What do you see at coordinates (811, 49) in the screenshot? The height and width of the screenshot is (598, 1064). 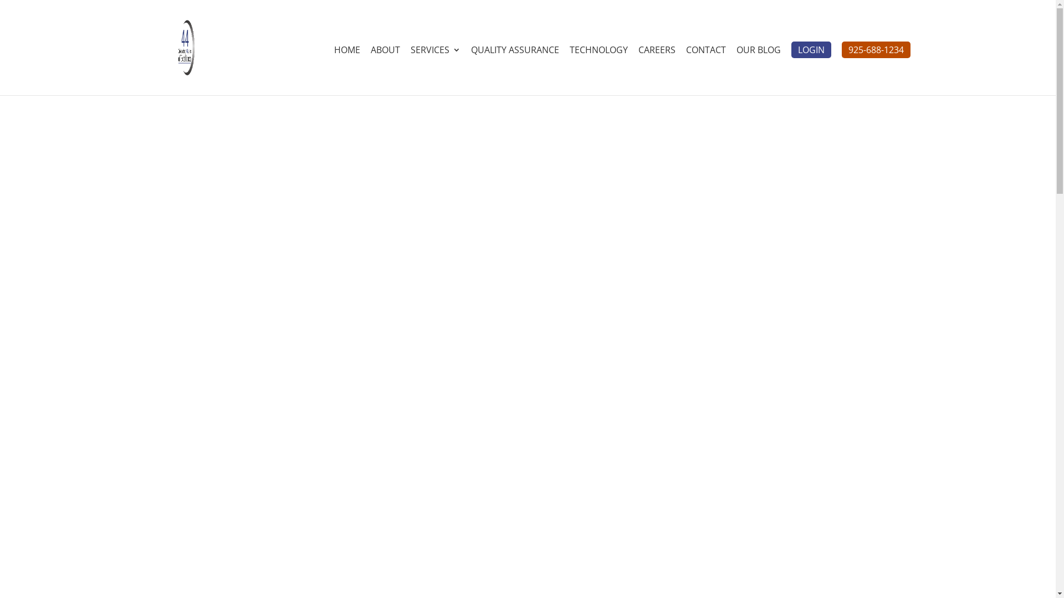 I see `'LOGIN'` at bounding box center [811, 49].